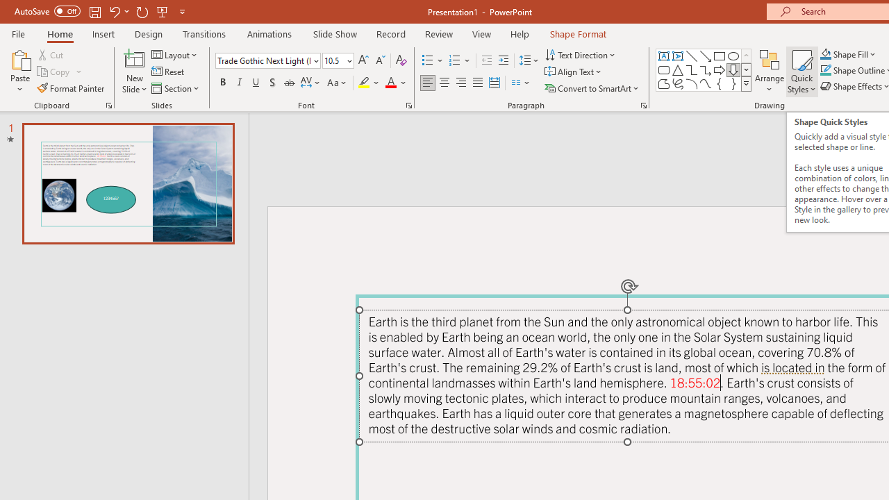  Describe the element at coordinates (706, 69) in the screenshot. I see `'Connector: Elbow Arrow'` at that location.